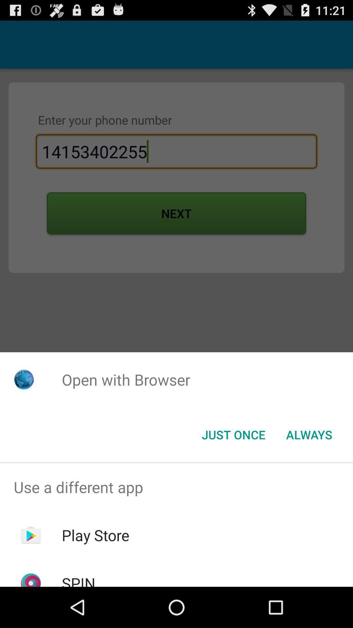  I want to click on just once, so click(233, 435).